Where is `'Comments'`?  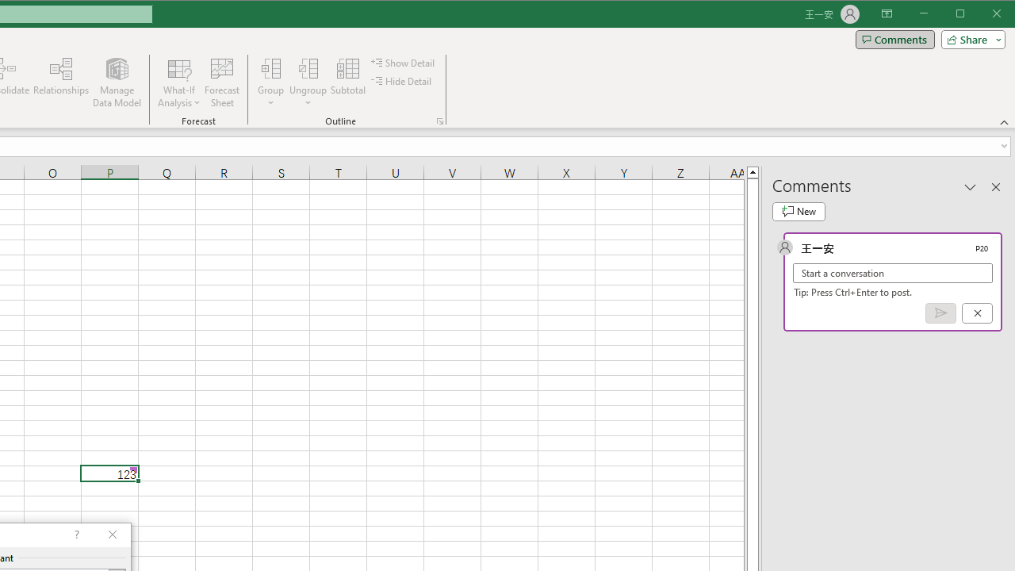 'Comments' is located at coordinates (894, 39).